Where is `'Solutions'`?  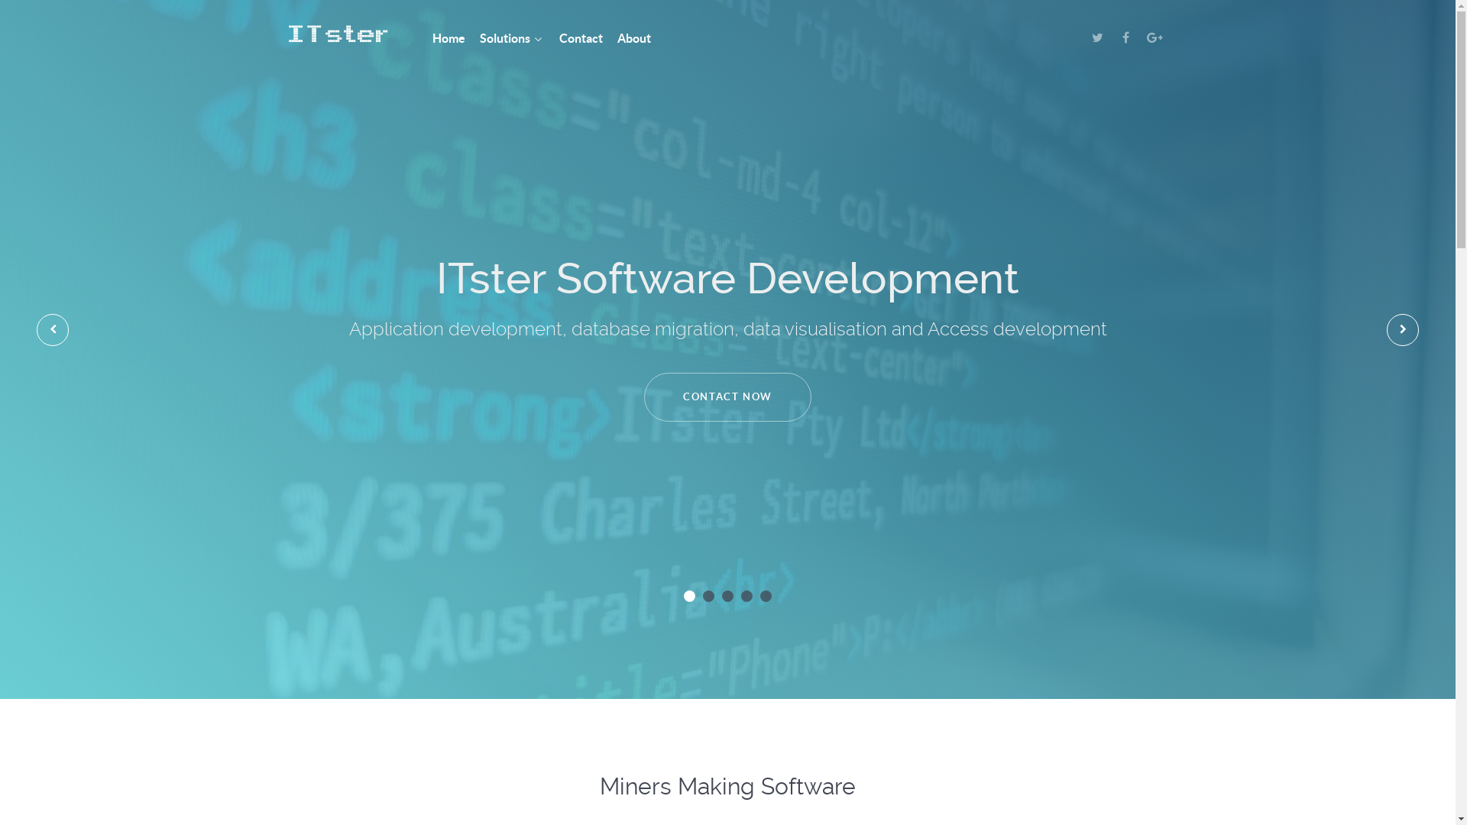 'Solutions' is located at coordinates (479, 38).